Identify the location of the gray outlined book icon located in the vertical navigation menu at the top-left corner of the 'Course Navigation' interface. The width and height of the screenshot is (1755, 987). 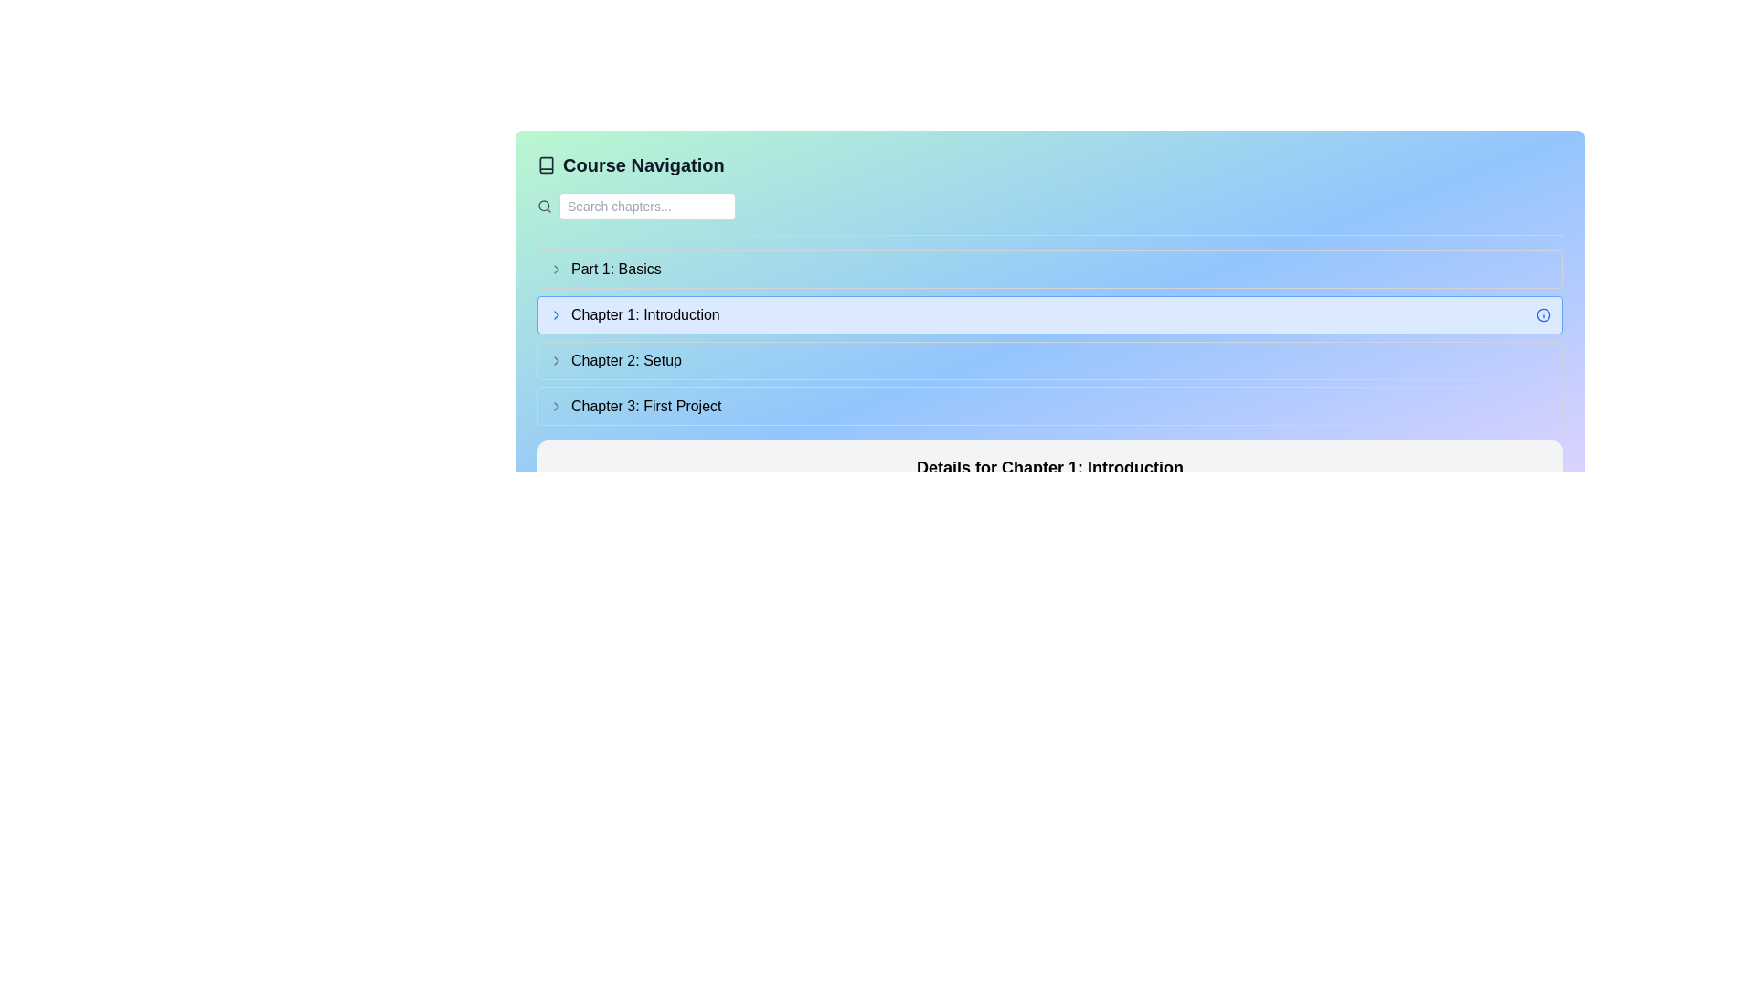
(546, 165).